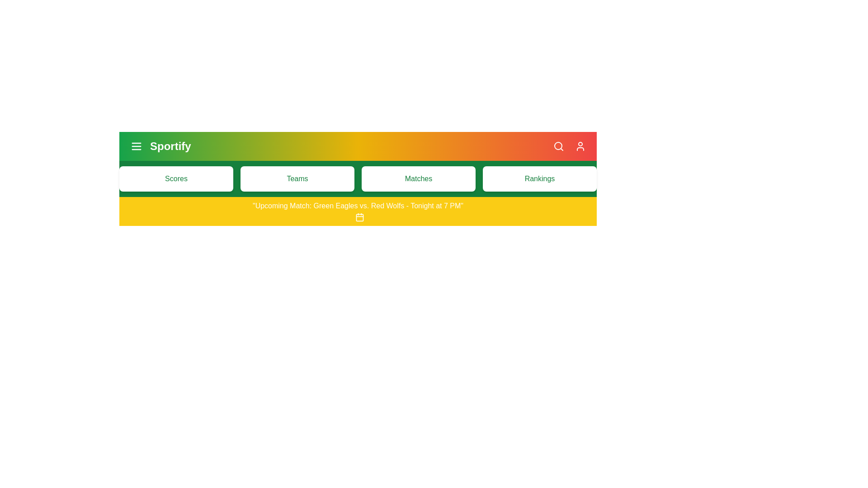  What do you see at coordinates (558, 146) in the screenshot?
I see `the search icon to access the search functionality` at bounding box center [558, 146].